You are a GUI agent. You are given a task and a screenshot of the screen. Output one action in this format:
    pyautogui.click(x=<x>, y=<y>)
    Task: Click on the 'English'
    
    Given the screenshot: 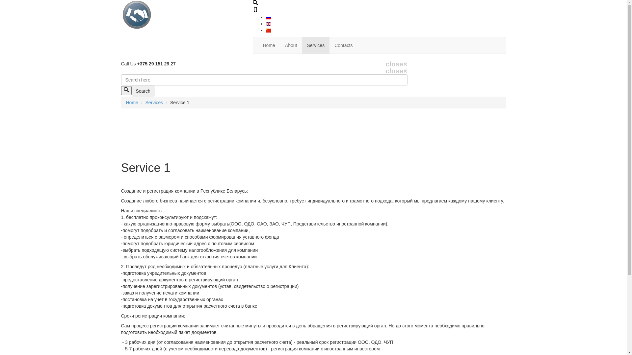 What is the action you would take?
    pyautogui.click(x=269, y=24)
    